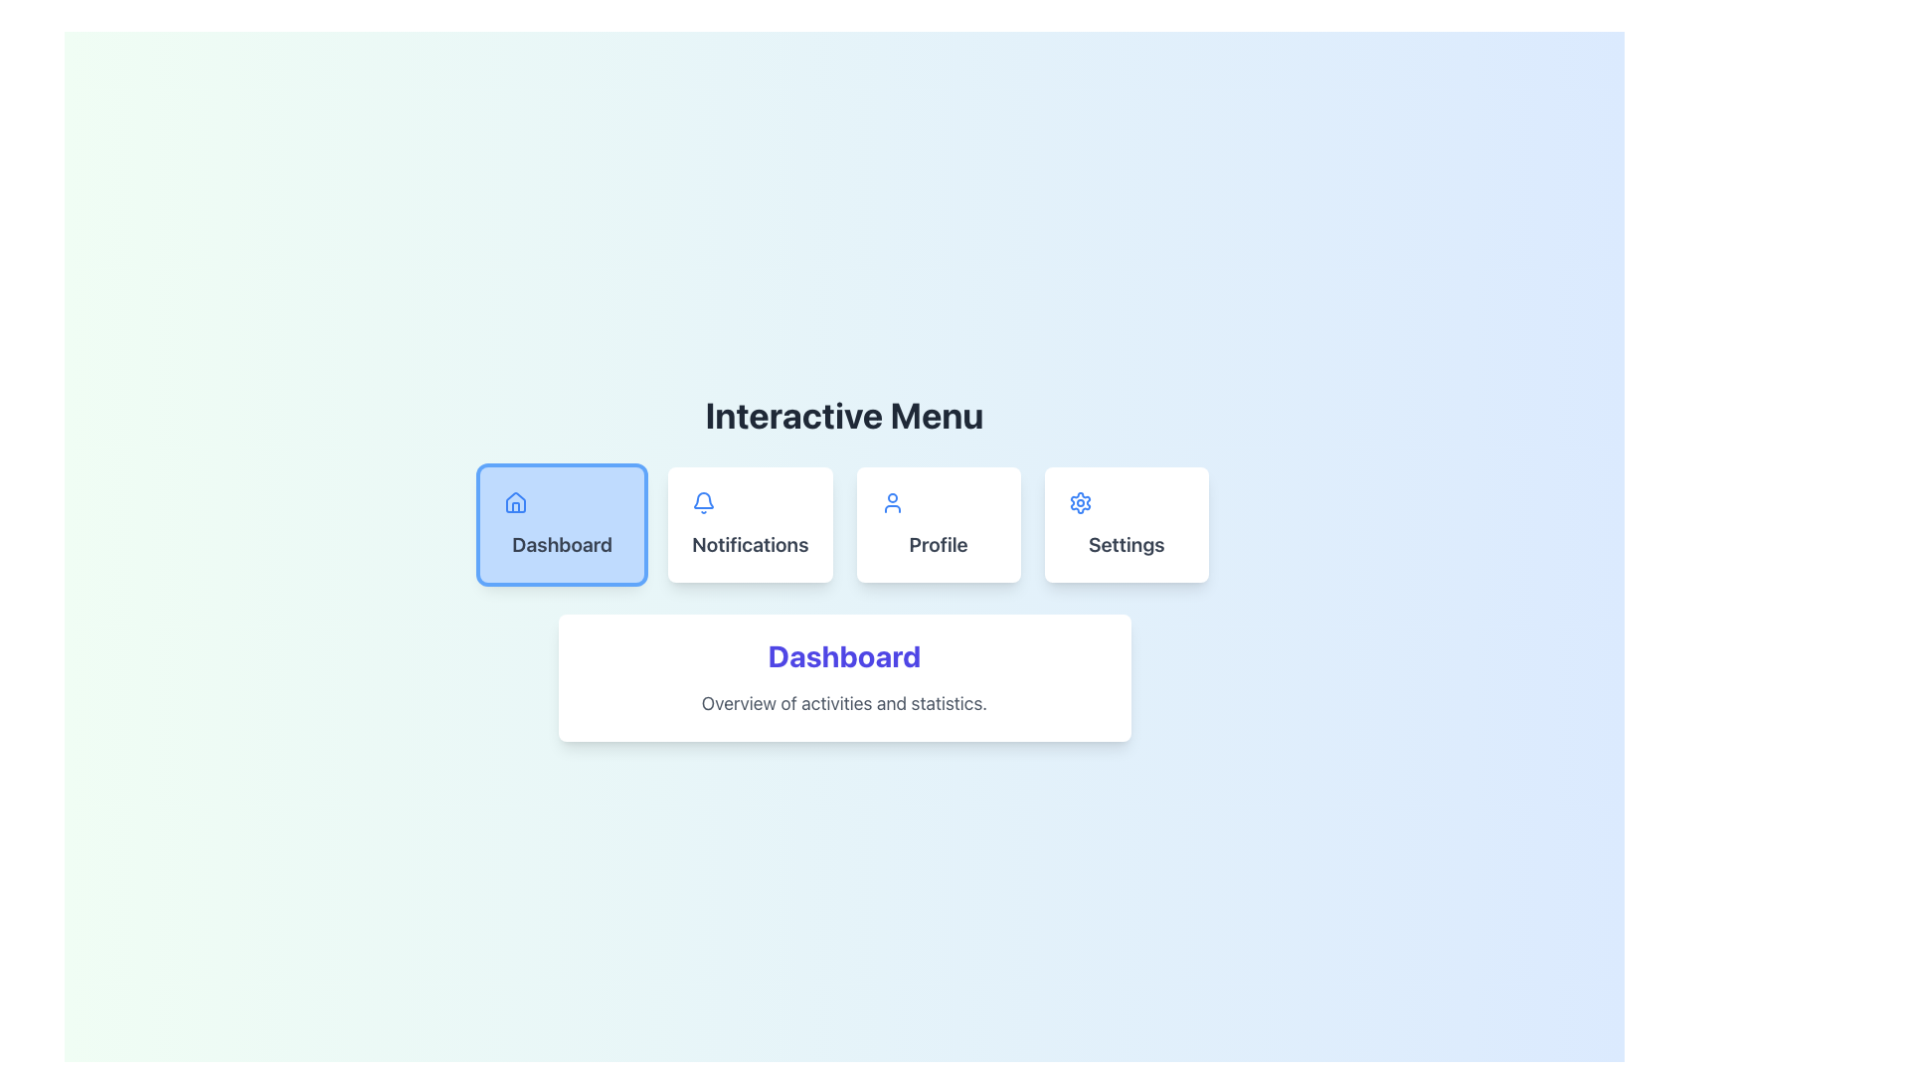 The image size is (1909, 1074). Describe the element at coordinates (749, 524) in the screenshot. I see `the 'Notifications' clickable card located in the second column of the grid layout, positioned between the 'Dashboard' and 'Profile' cards` at that location.